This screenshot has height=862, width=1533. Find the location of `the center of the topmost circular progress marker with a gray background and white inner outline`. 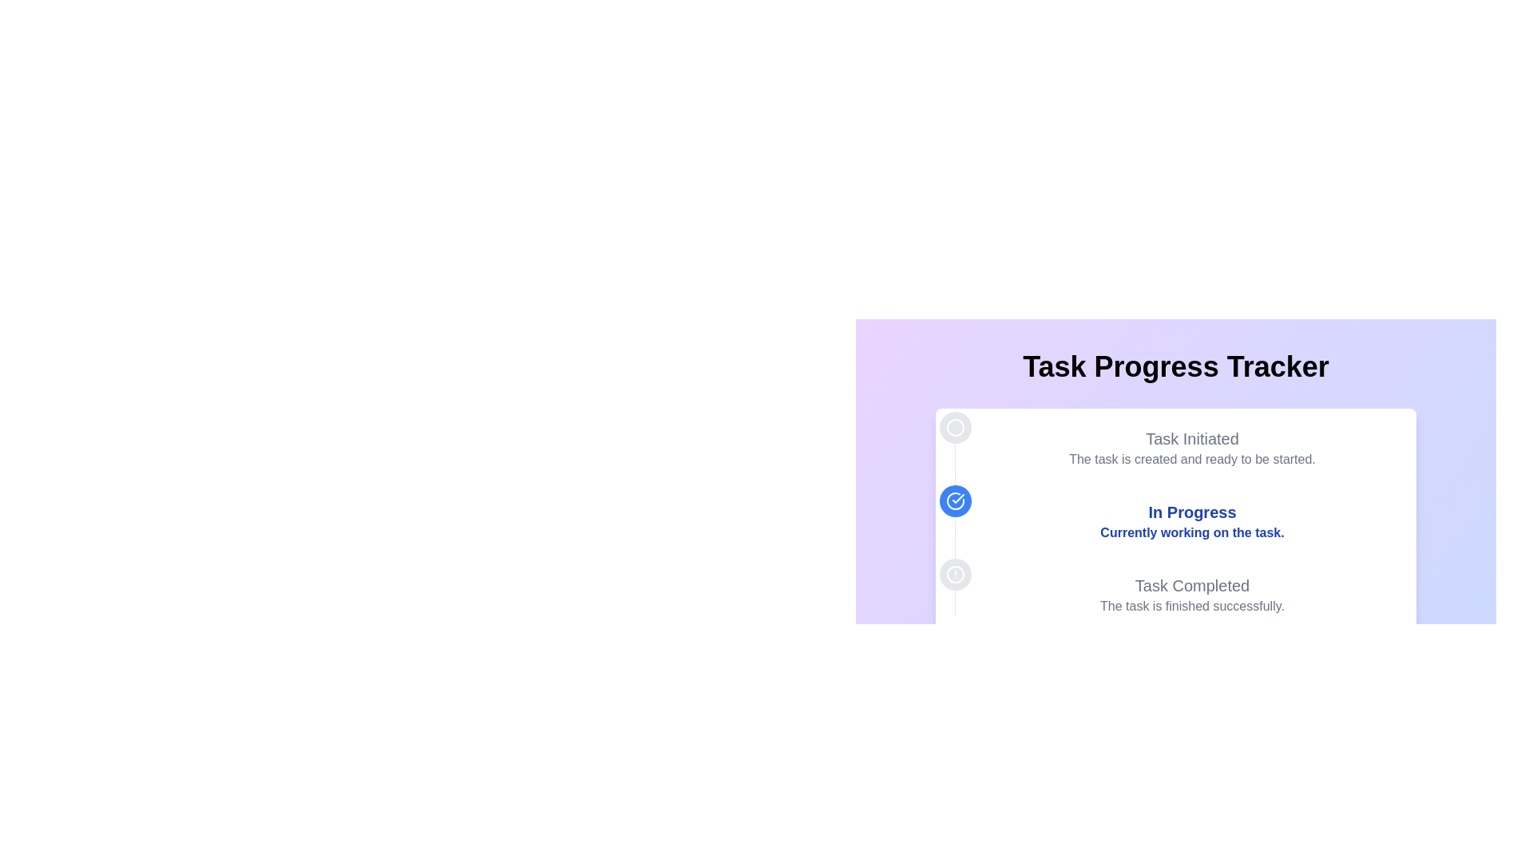

the center of the topmost circular progress marker with a gray background and white inner outline is located at coordinates (956, 427).